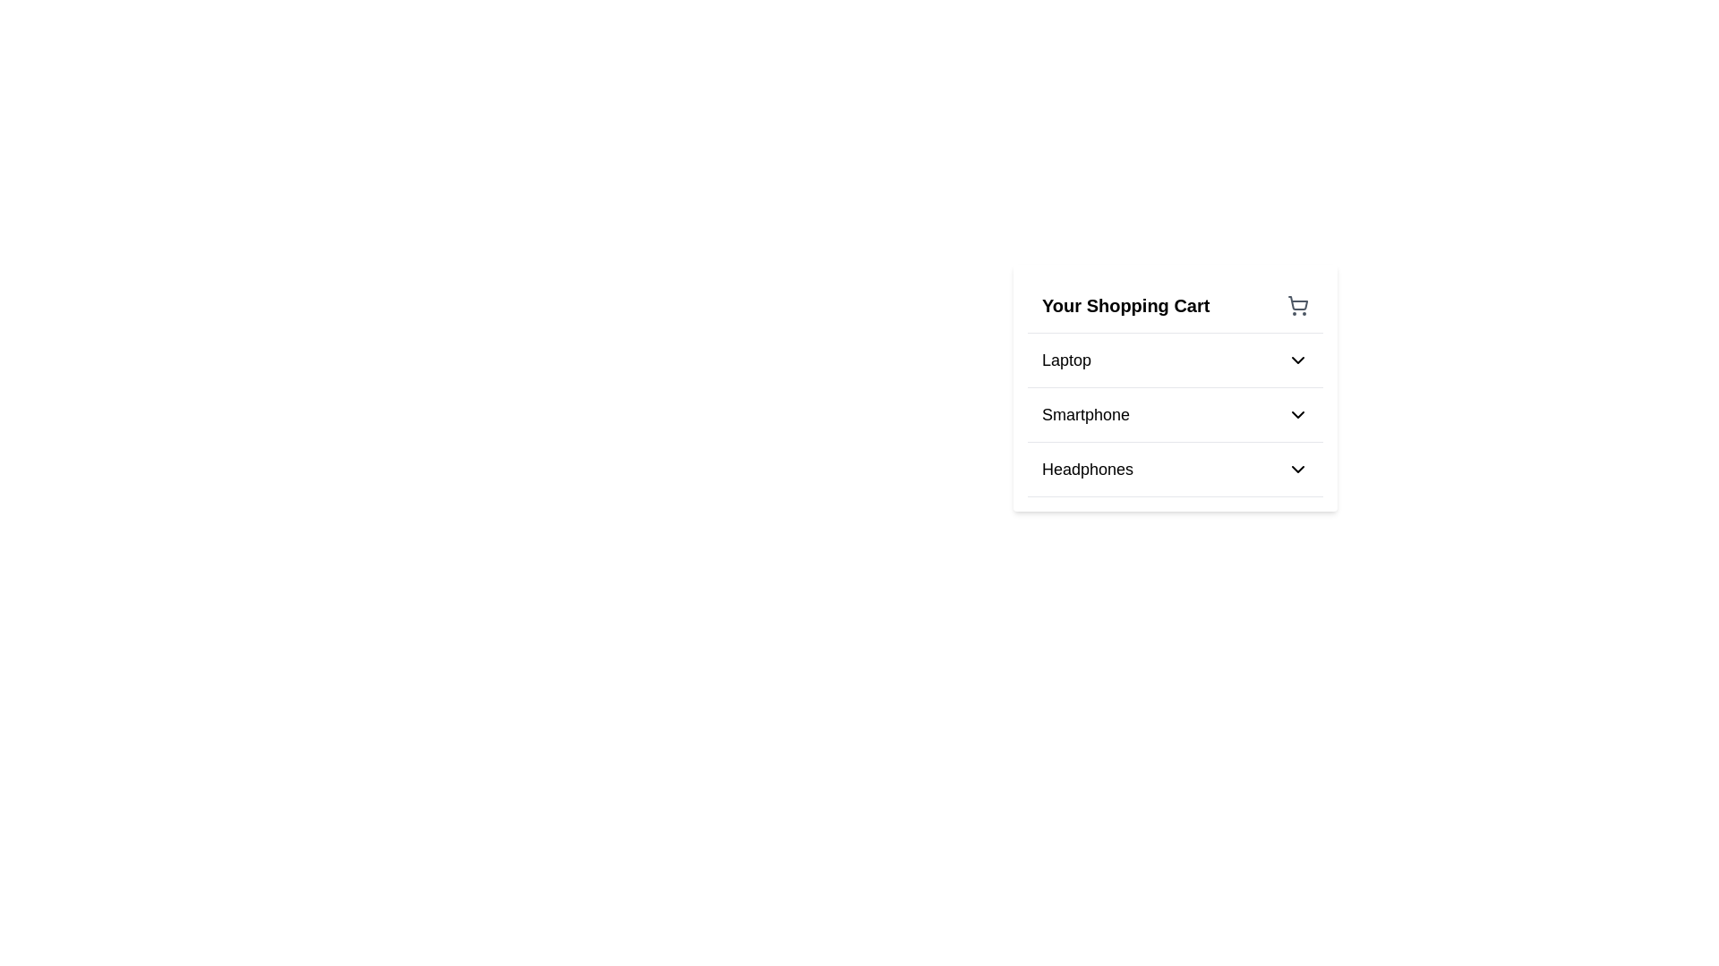 Image resolution: width=1719 pixels, height=966 pixels. Describe the element at coordinates (1066, 360) in the screenshot. I see `the first text label in the list under 'Your Shopping Cart', which describes the associated item or category` at that location.